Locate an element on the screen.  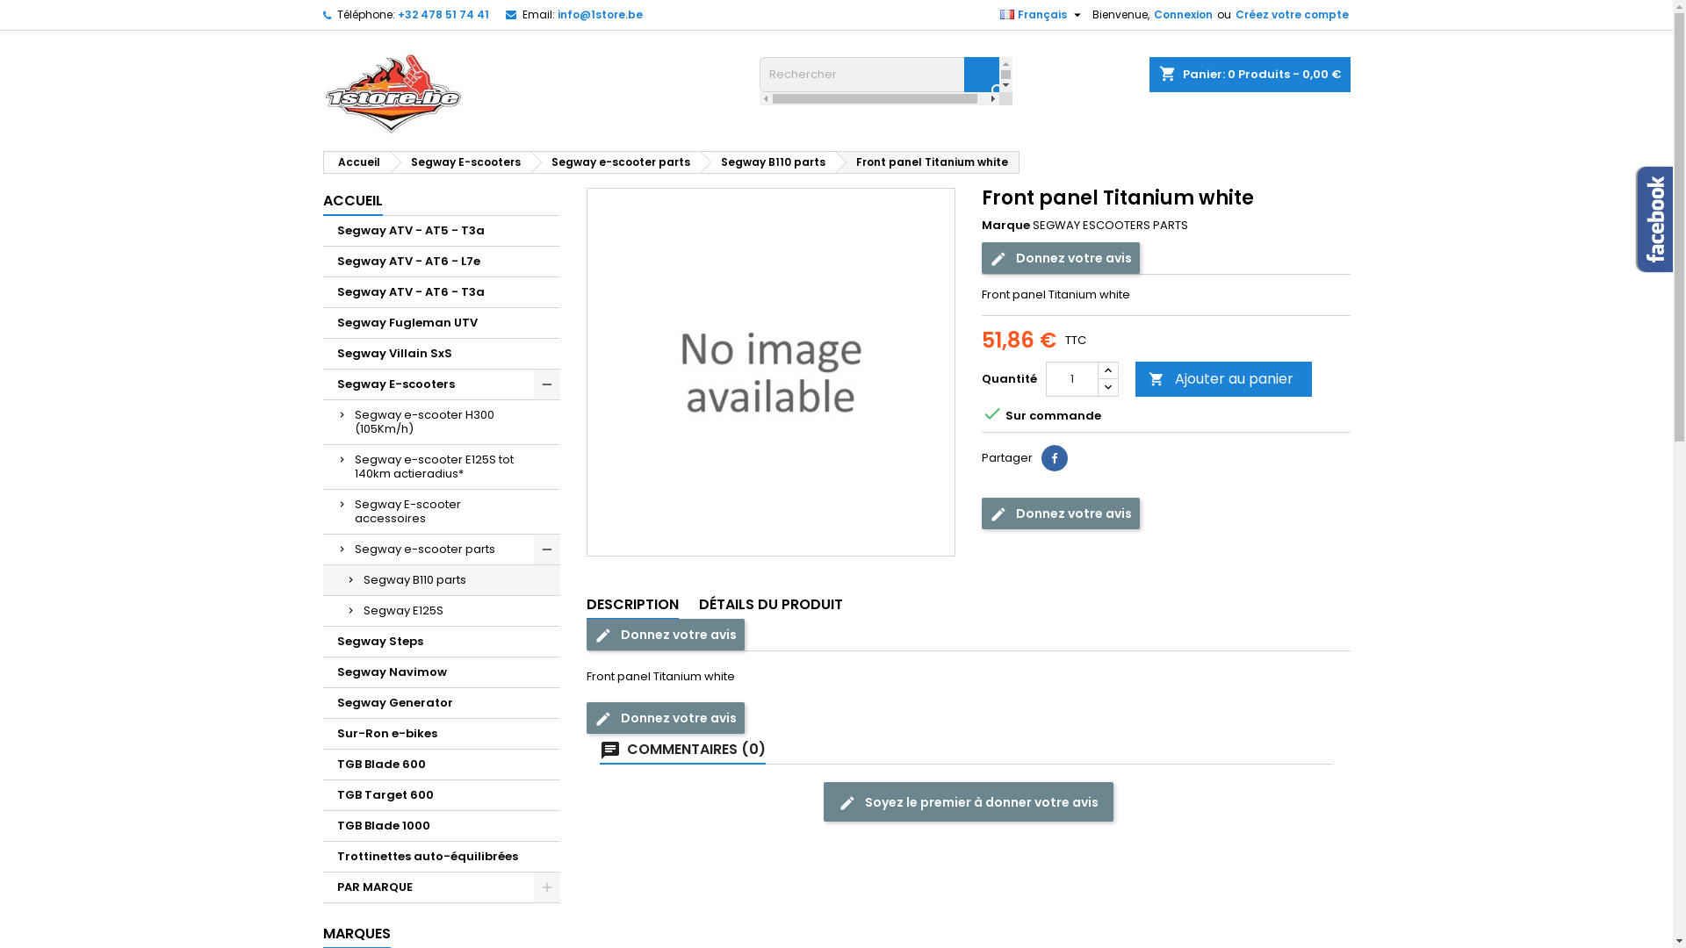
'Segway Steps' is located at coordinates (442, 642).